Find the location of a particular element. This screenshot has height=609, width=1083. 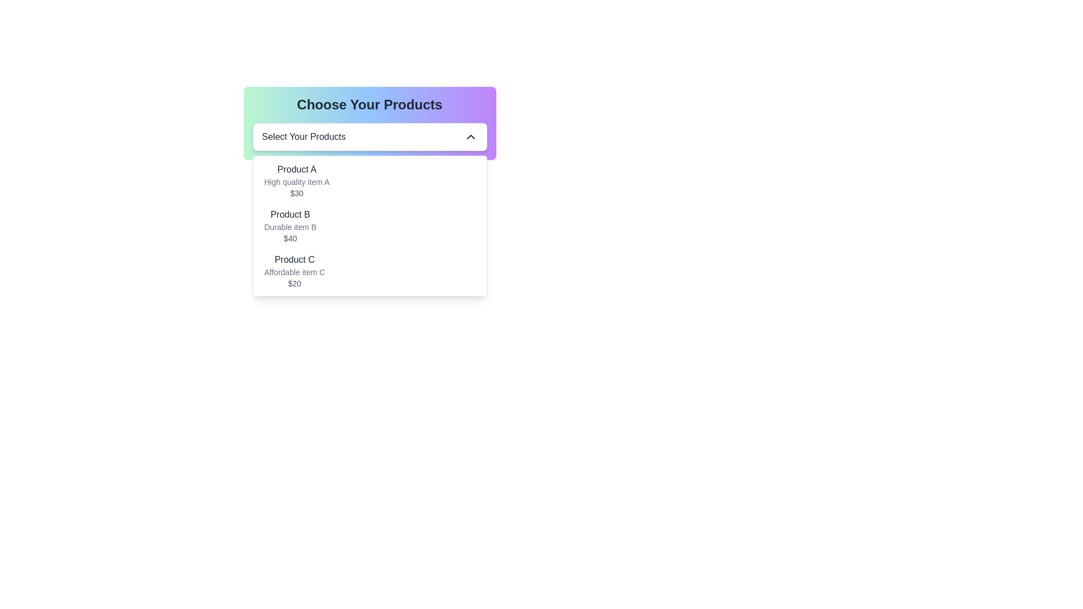

the dropdown list item displaying 'Product B', which includes its description 'Durable item B' and price '$40' is located at coordinates (290, 226).